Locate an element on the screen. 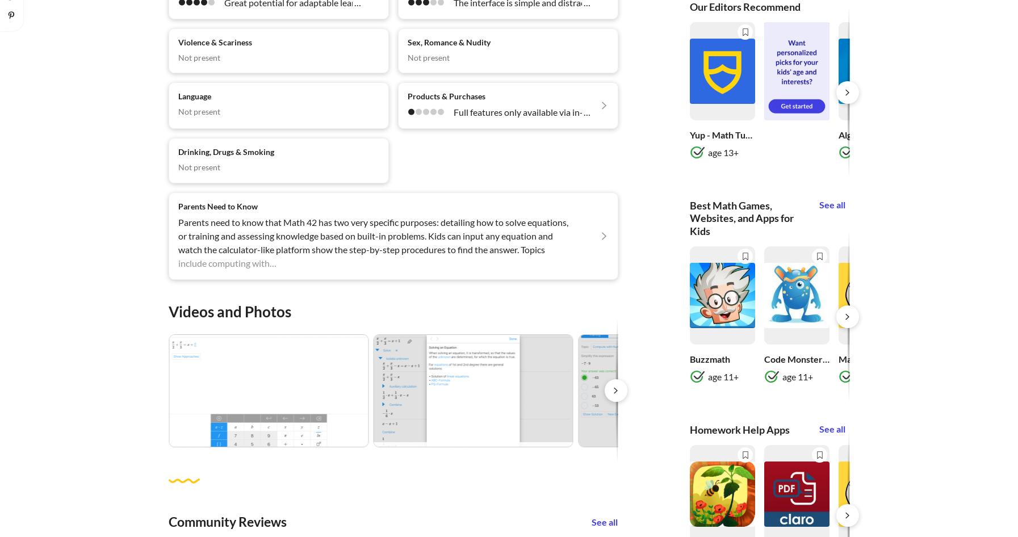 The height and width of the screenshot is (537, 1018). 'Best Math Games, Websites, and Apps for Kids' is located at coordinates (689, 217).